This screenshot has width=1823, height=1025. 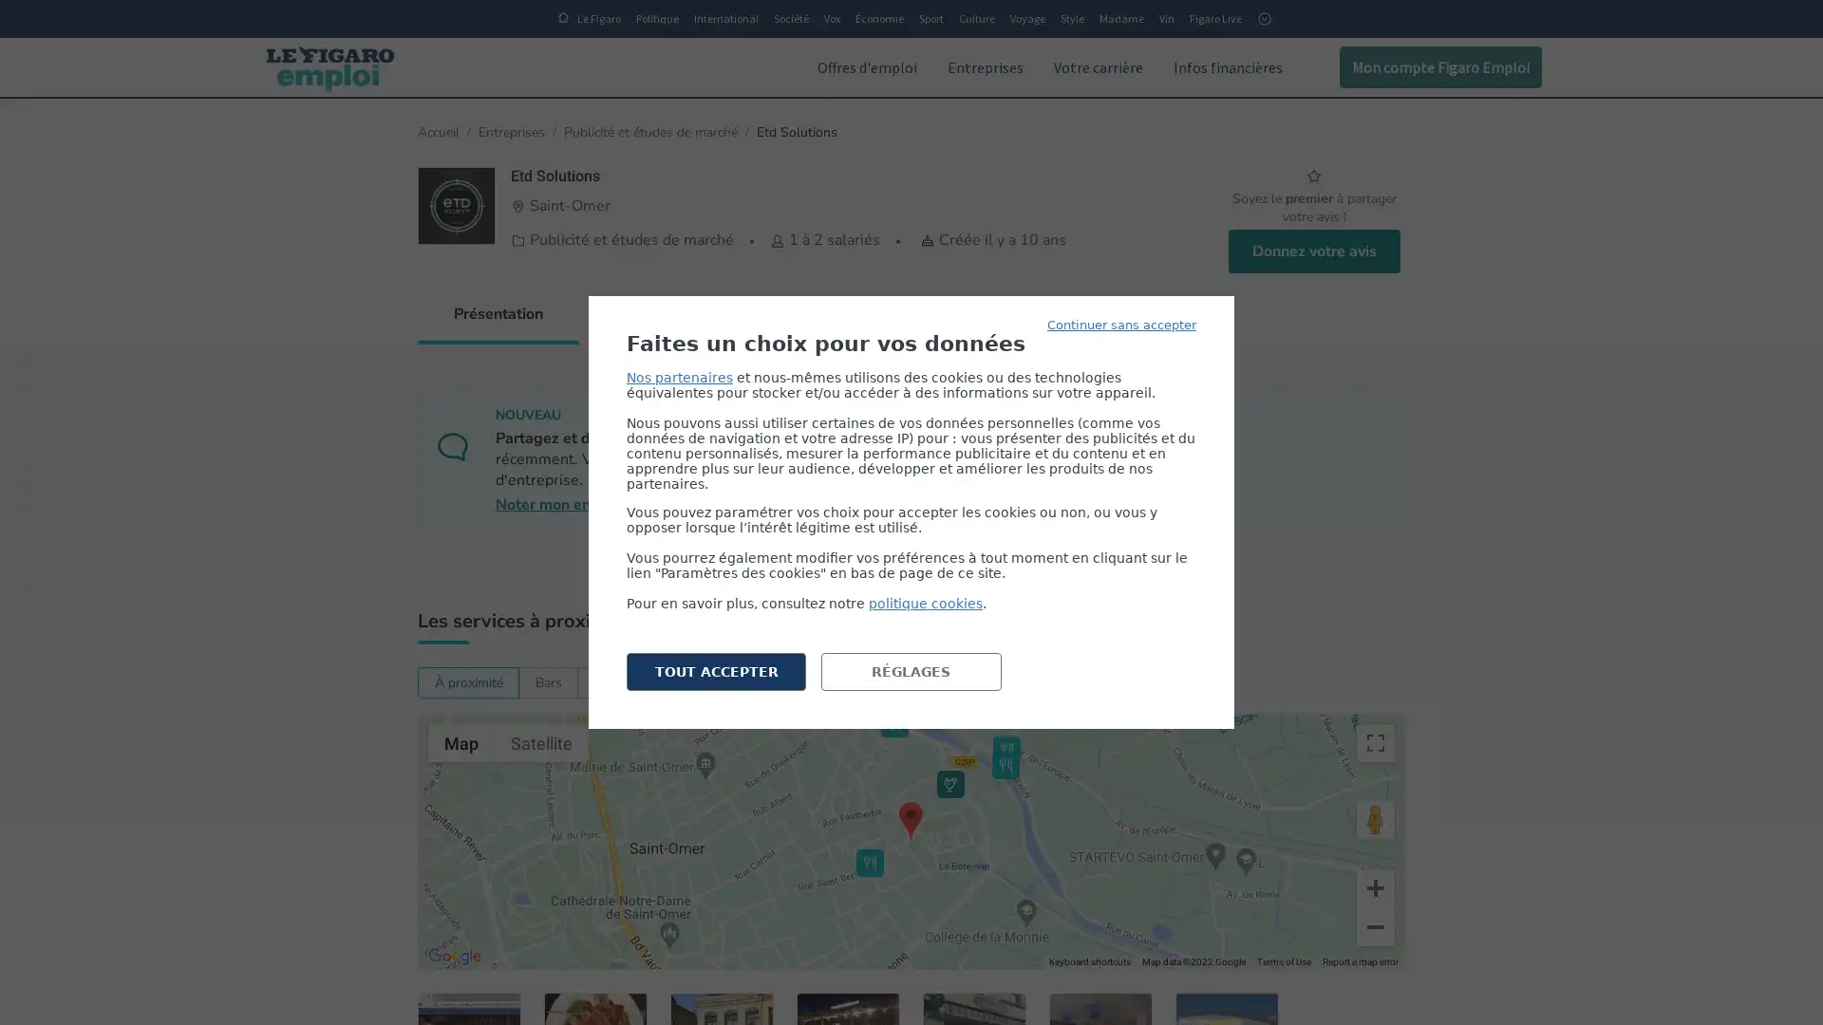 I want to click on Les Trois Caves, so click(x=869, y=863).